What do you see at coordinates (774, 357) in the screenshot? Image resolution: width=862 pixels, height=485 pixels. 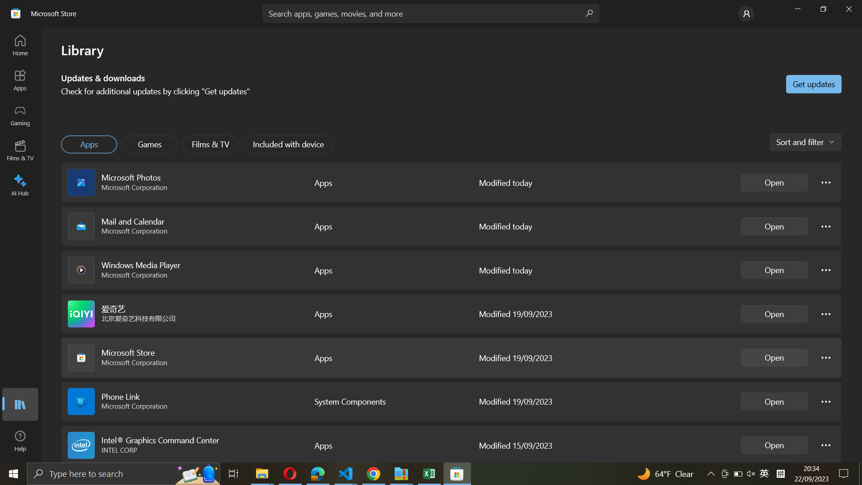 I see `Microsoft Store app` at bounding box center [774, 357].